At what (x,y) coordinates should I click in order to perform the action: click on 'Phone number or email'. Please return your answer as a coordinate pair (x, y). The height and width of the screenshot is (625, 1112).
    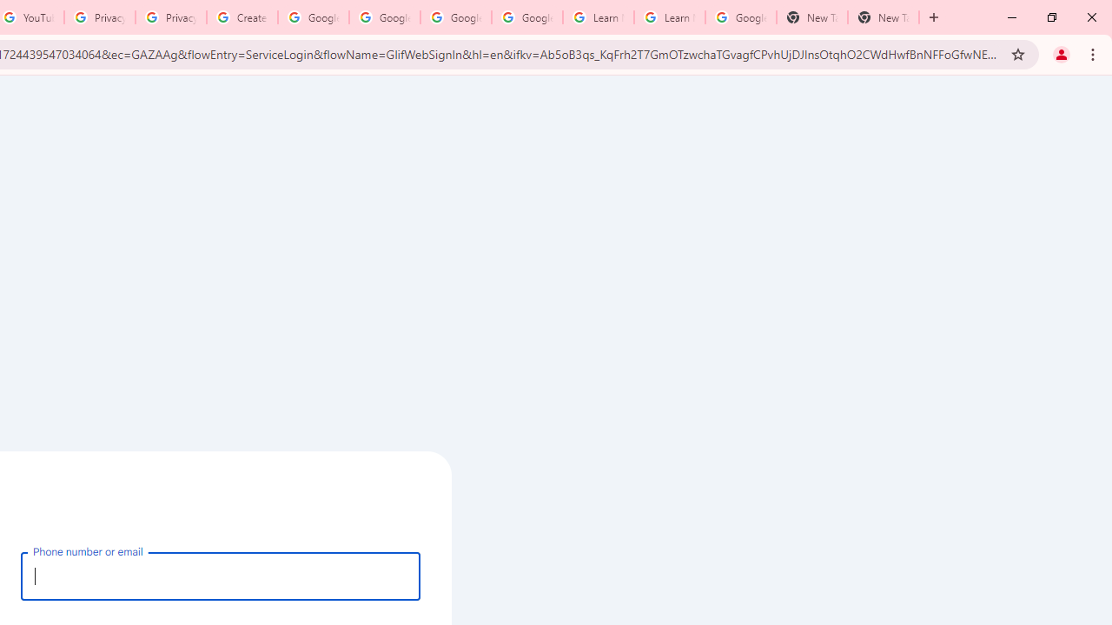
    Looking at the image, I should click on (220, 576).